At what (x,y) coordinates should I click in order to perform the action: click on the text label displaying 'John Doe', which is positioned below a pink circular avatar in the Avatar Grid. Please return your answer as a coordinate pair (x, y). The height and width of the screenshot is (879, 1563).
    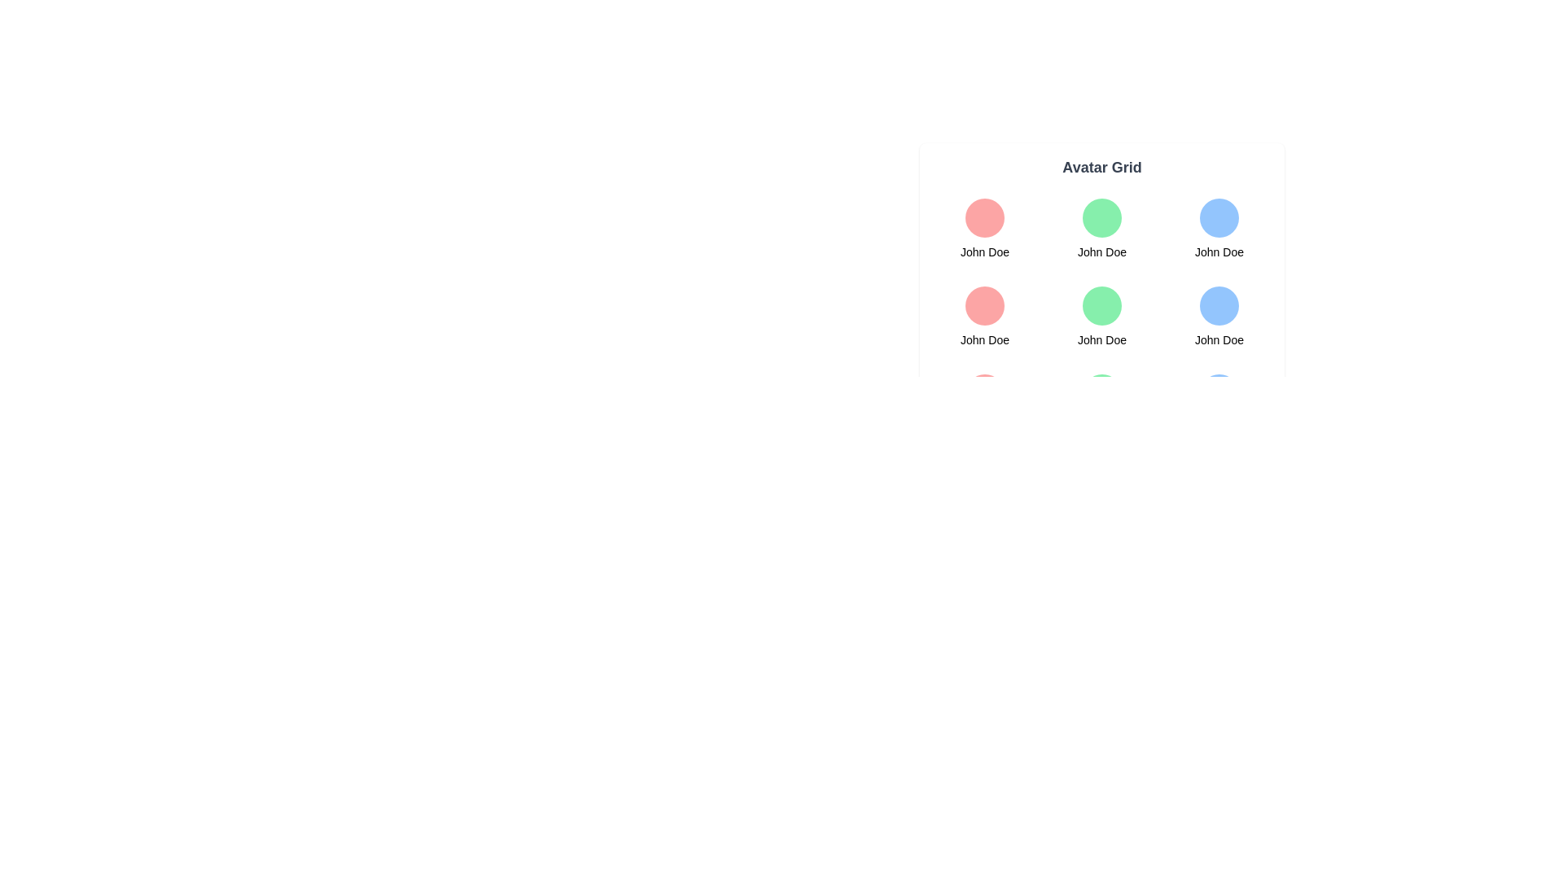
    Looking at the image, I should click on (983, 339).